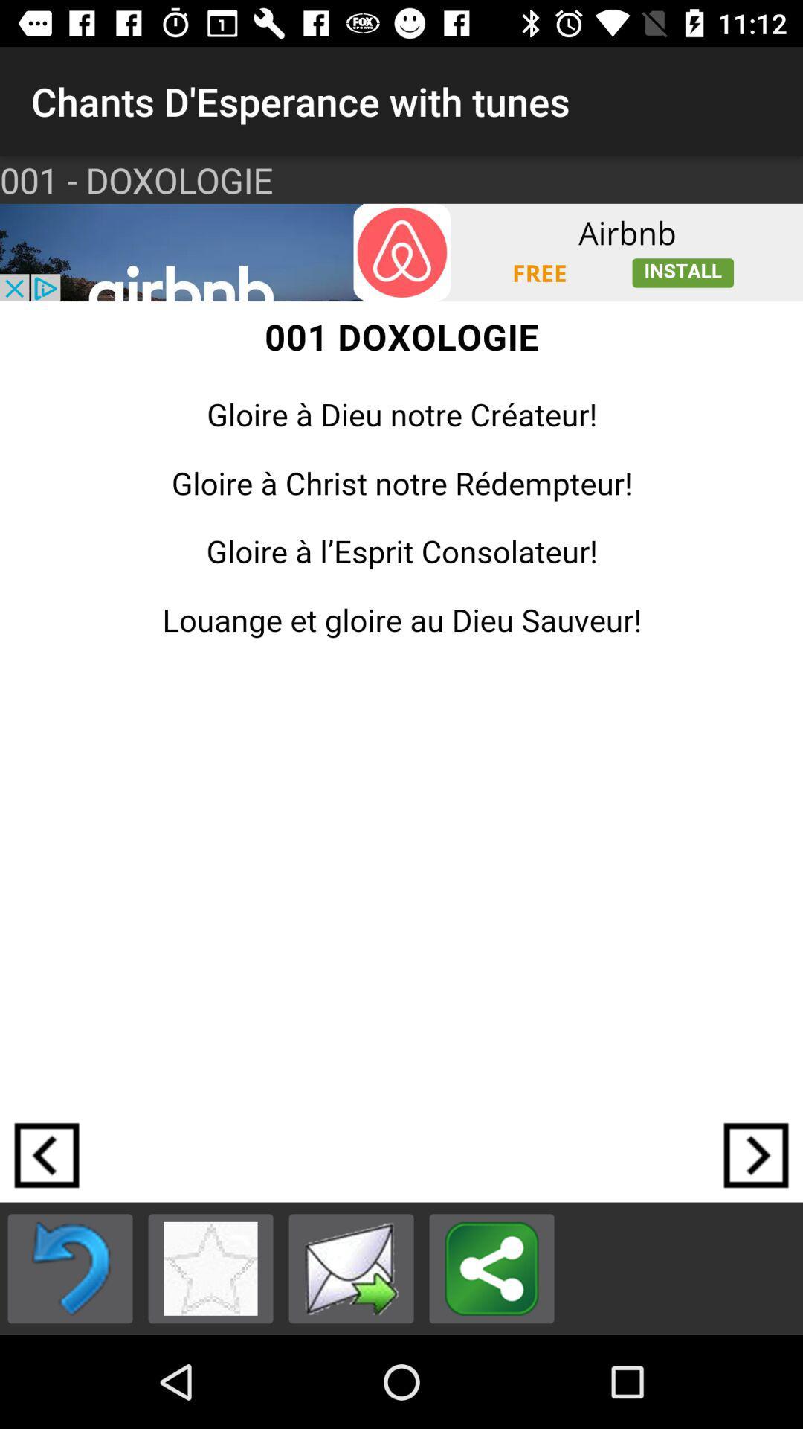 This screenshot has height=1429, width=803. I want to click on to bookmarks, so click(210, 1267).